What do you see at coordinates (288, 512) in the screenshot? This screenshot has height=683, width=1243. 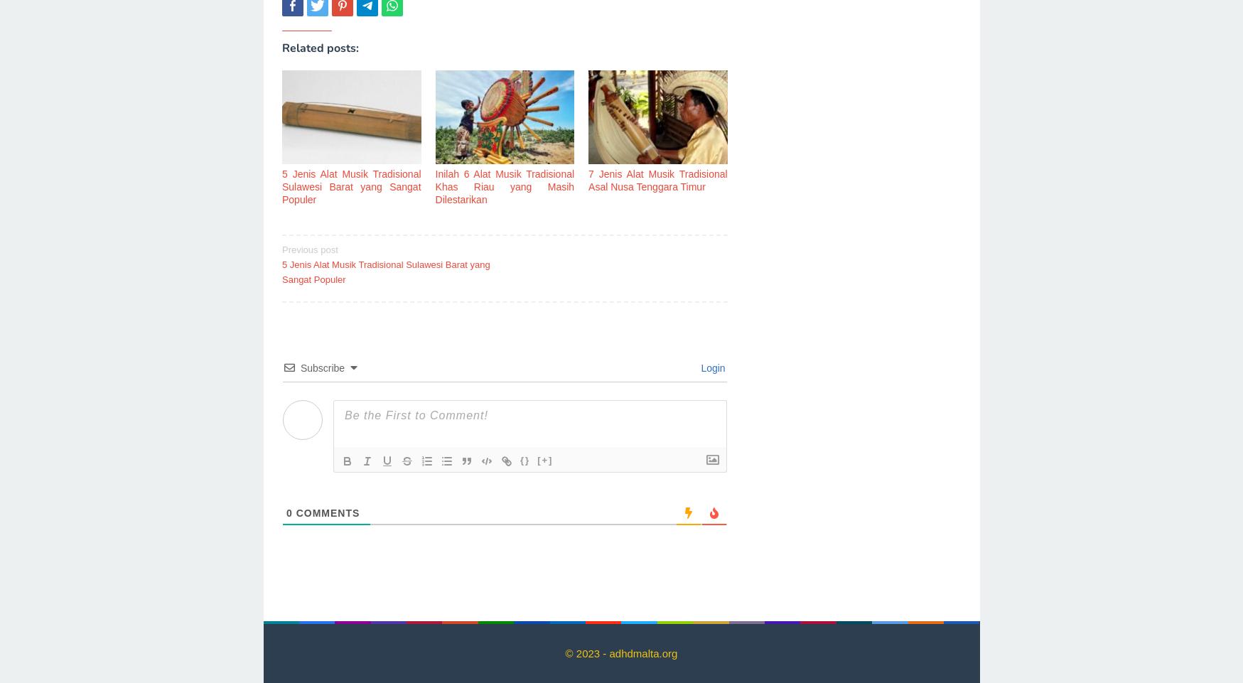 I see `'0'` at bounding box center [288, 512].